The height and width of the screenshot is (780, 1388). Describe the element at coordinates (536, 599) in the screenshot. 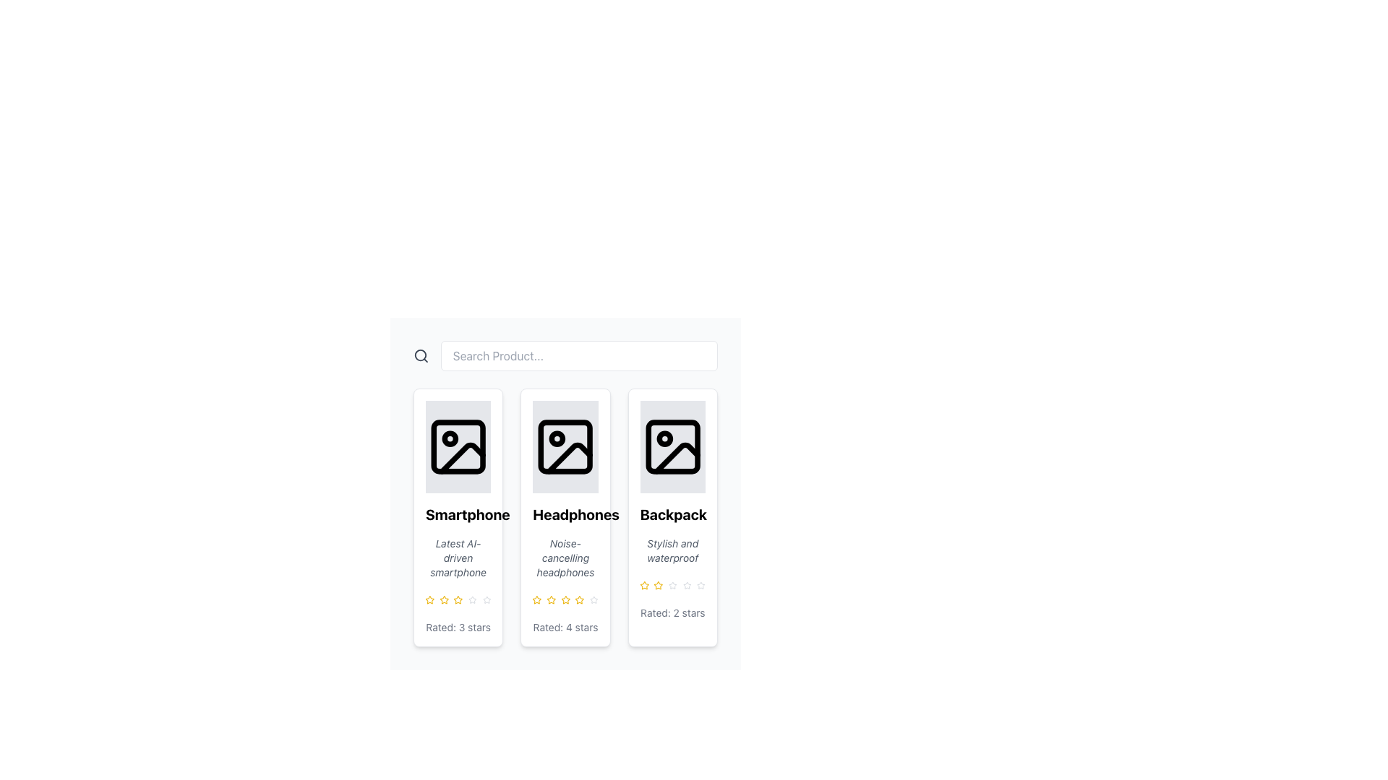

I see `the second yellow star icon in the rating system beneath the 'Headphones' card` at that location.